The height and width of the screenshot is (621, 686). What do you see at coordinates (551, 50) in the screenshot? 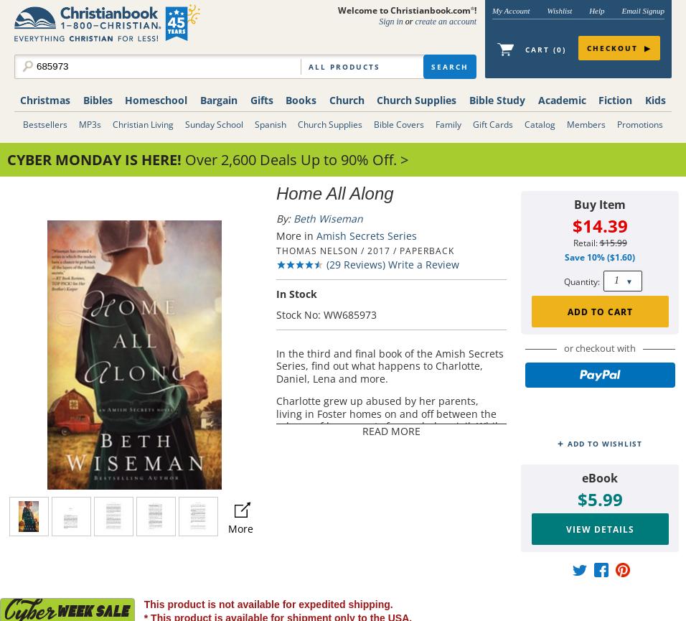
I see `'(0)'` at bounding box center [551, 50].